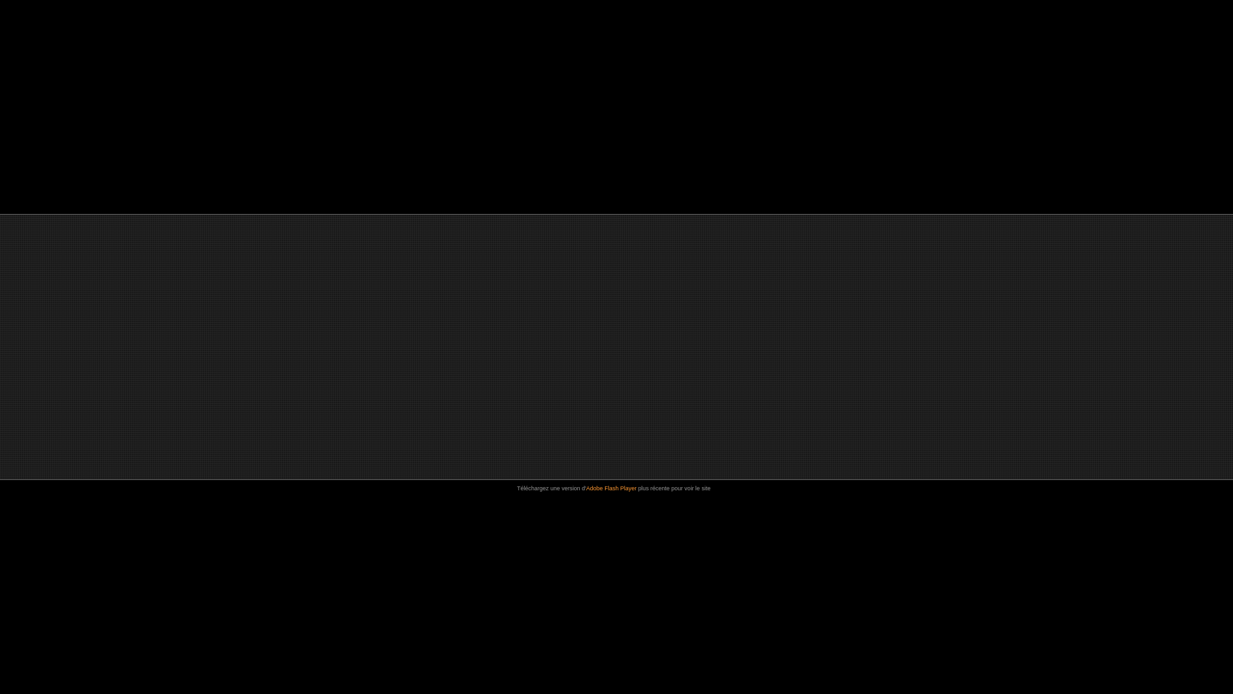  What do you see at coordinates (585, 488) in the screenshot?
I see `'Adobe Flash Player'` at bounding box center [585, 488].